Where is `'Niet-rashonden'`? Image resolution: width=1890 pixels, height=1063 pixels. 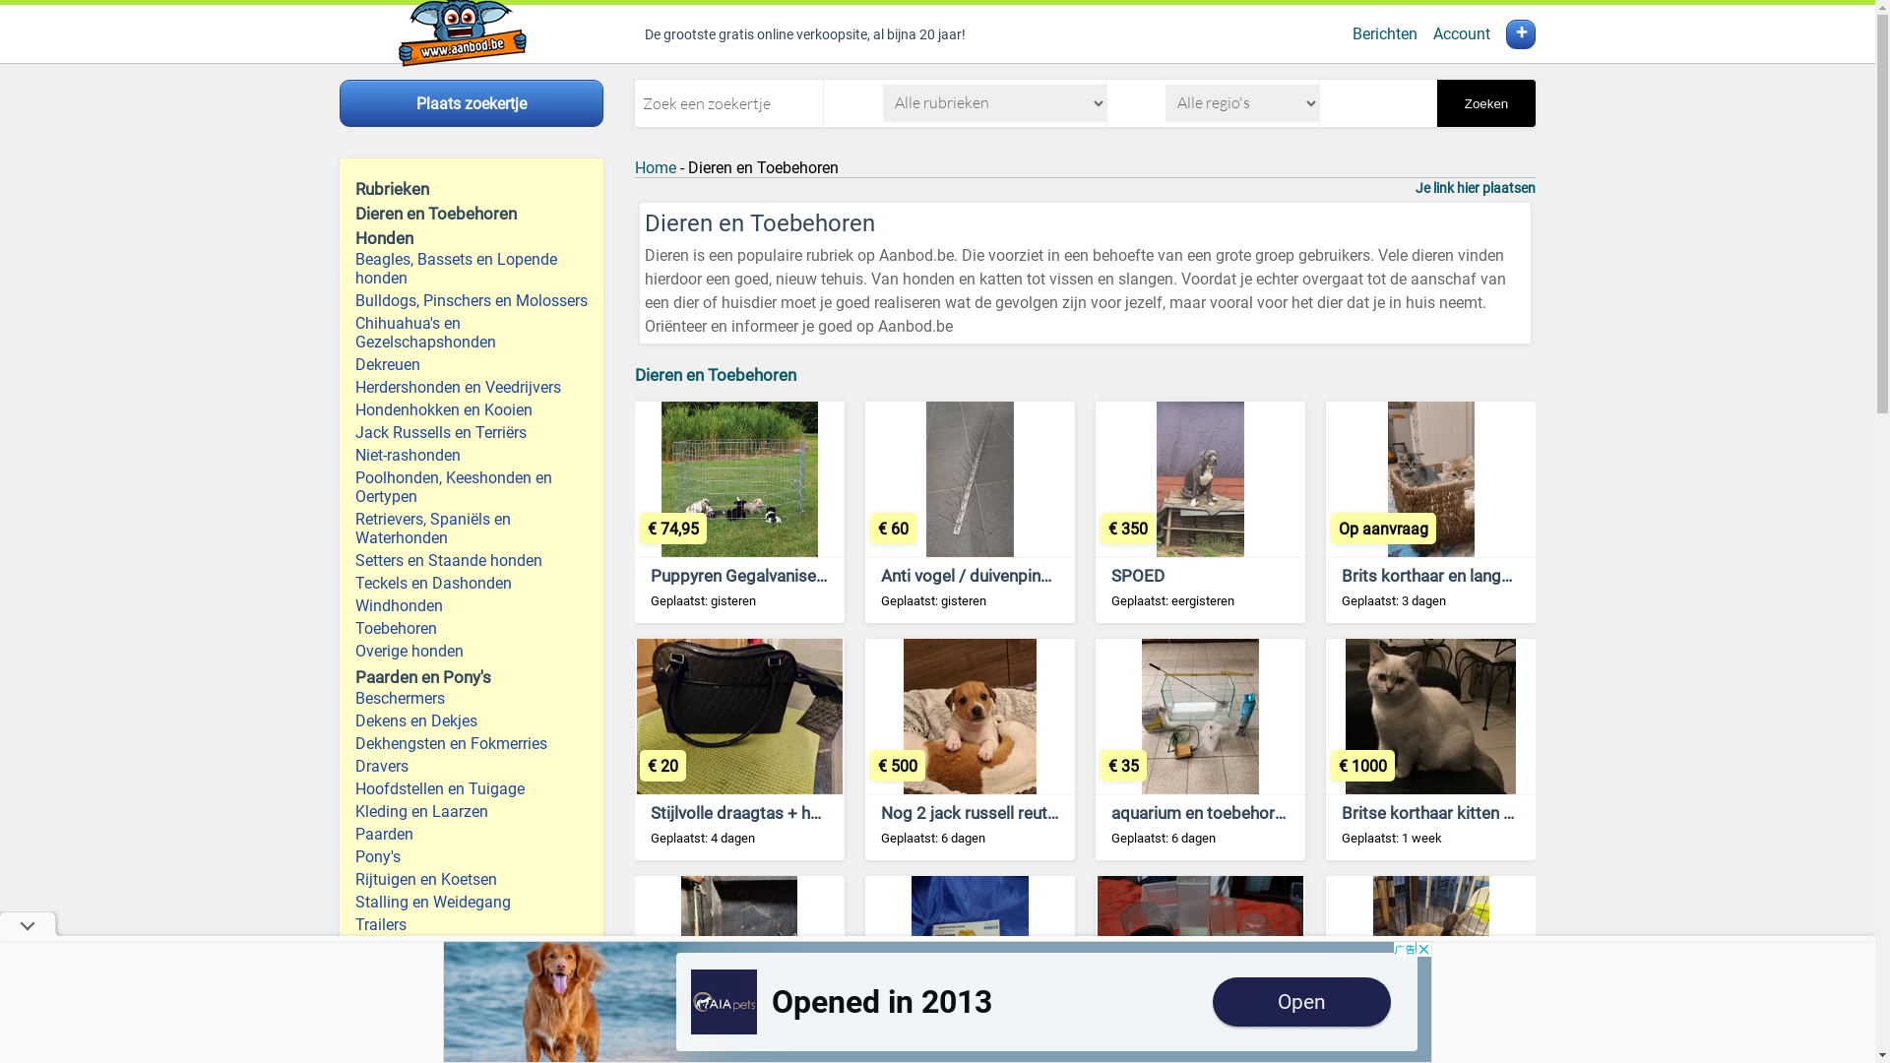 'Niet-rashonden' is located at coordinates (354, 455).